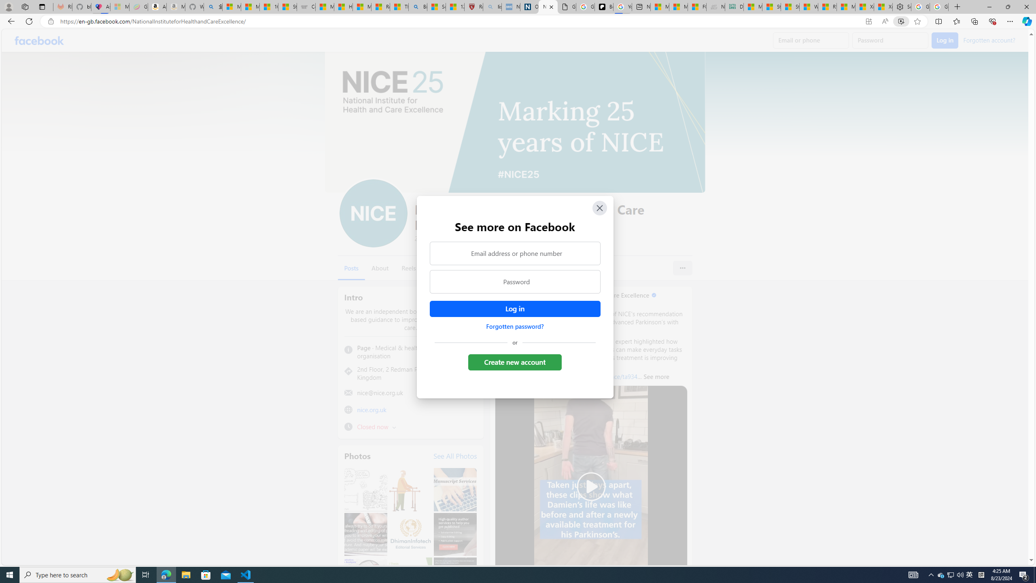  Describe the element at coordinates (790, 6) in the screenshot. I see `'Stocks - MSN'` at that location.